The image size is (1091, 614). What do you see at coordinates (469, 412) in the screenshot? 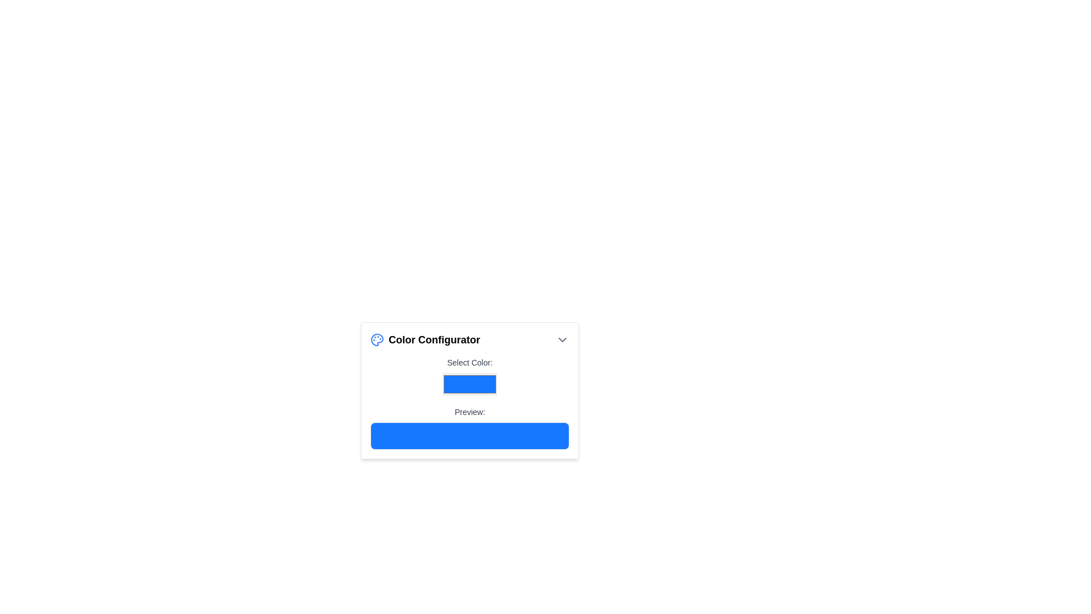
I see `the text label displaying 'Preview:' which is positioned below the 'Select Color:' label in the configuration panel` at bounding box center [469, 412].